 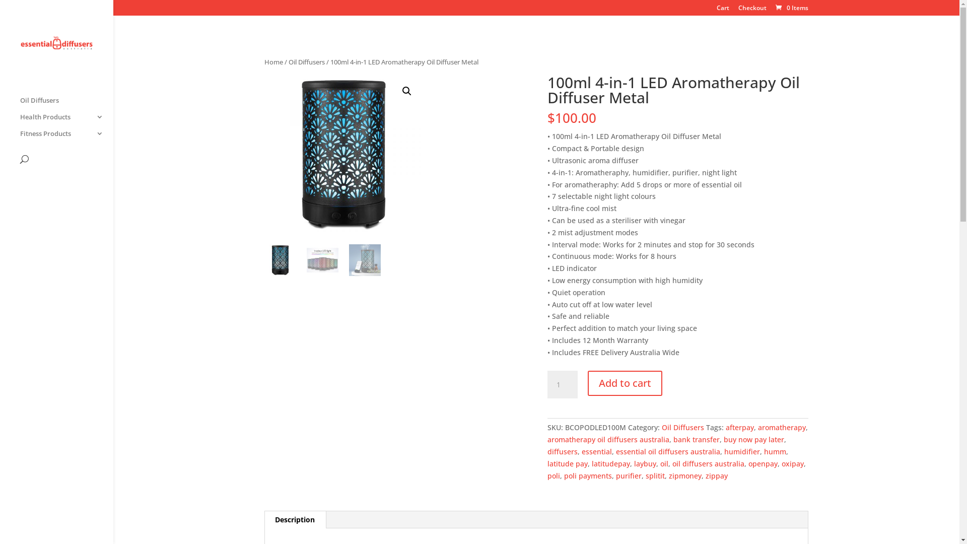 I want to click on 'Fitness Products', so click(x=66, y=138).